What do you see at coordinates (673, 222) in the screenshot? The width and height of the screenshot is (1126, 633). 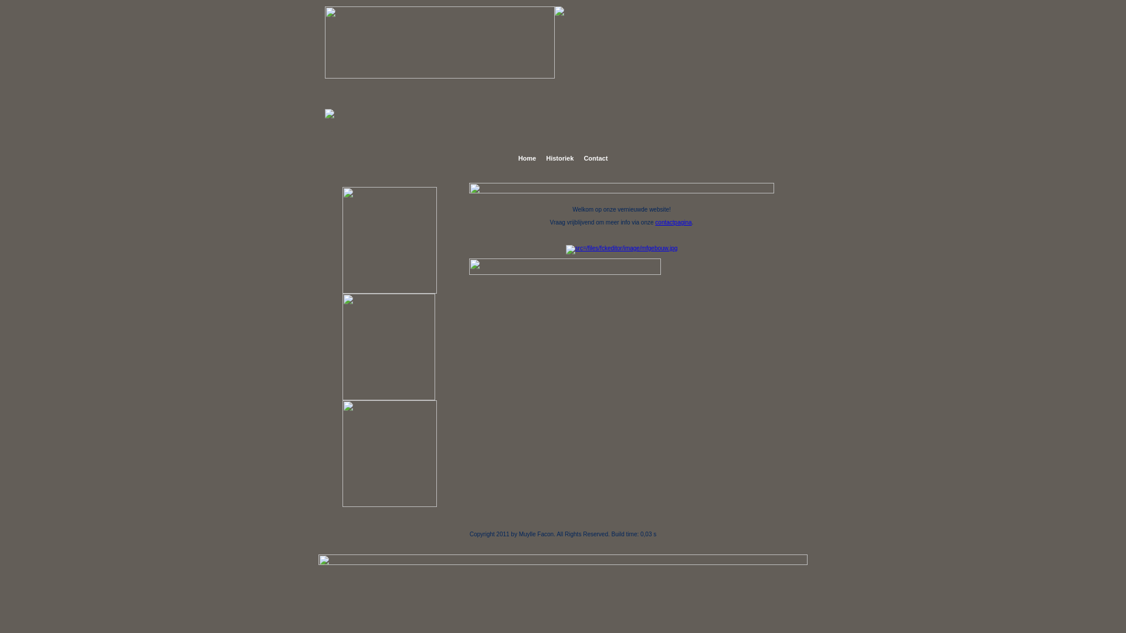 I see `'contactpagina'` at bounding box center [673, 222].